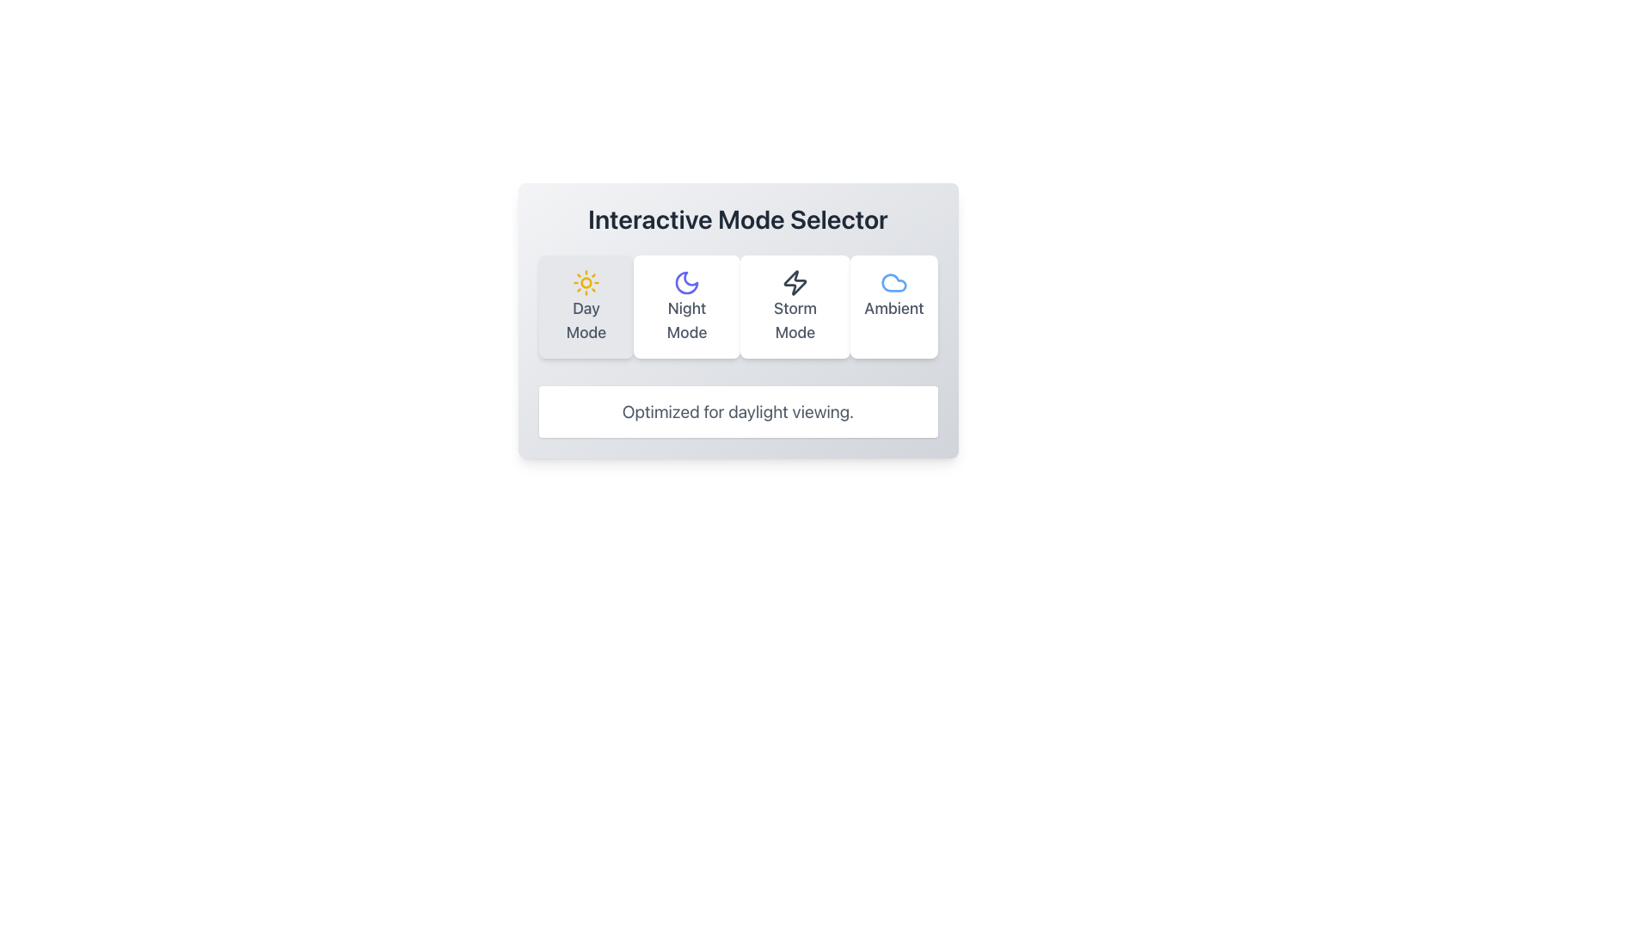 The height and width of the screenshot is (929, 1651). Describe the element at coordinates (893, 306) in the screenshot. I see `the 'Ambient' button, which is a square button with a white background and a blue cloud icon, located at the far right of a horizontal group of four buttons` at that location.